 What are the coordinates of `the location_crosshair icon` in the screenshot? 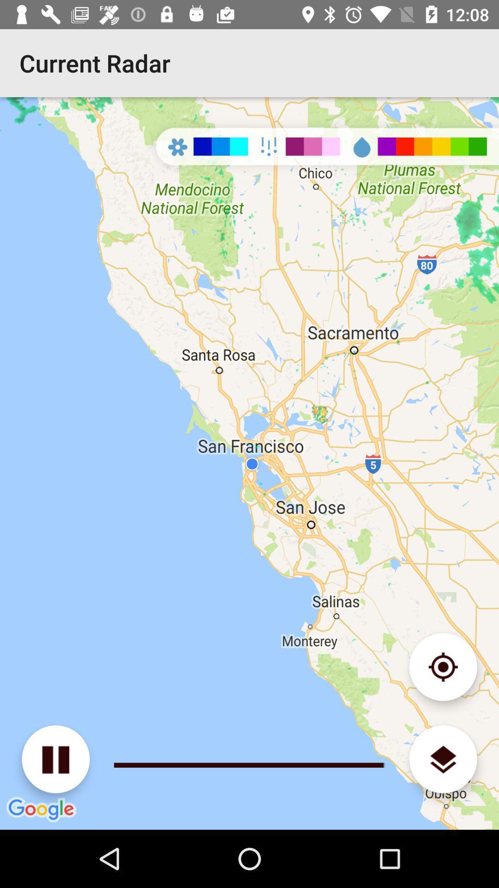 It's located at (443, 667).